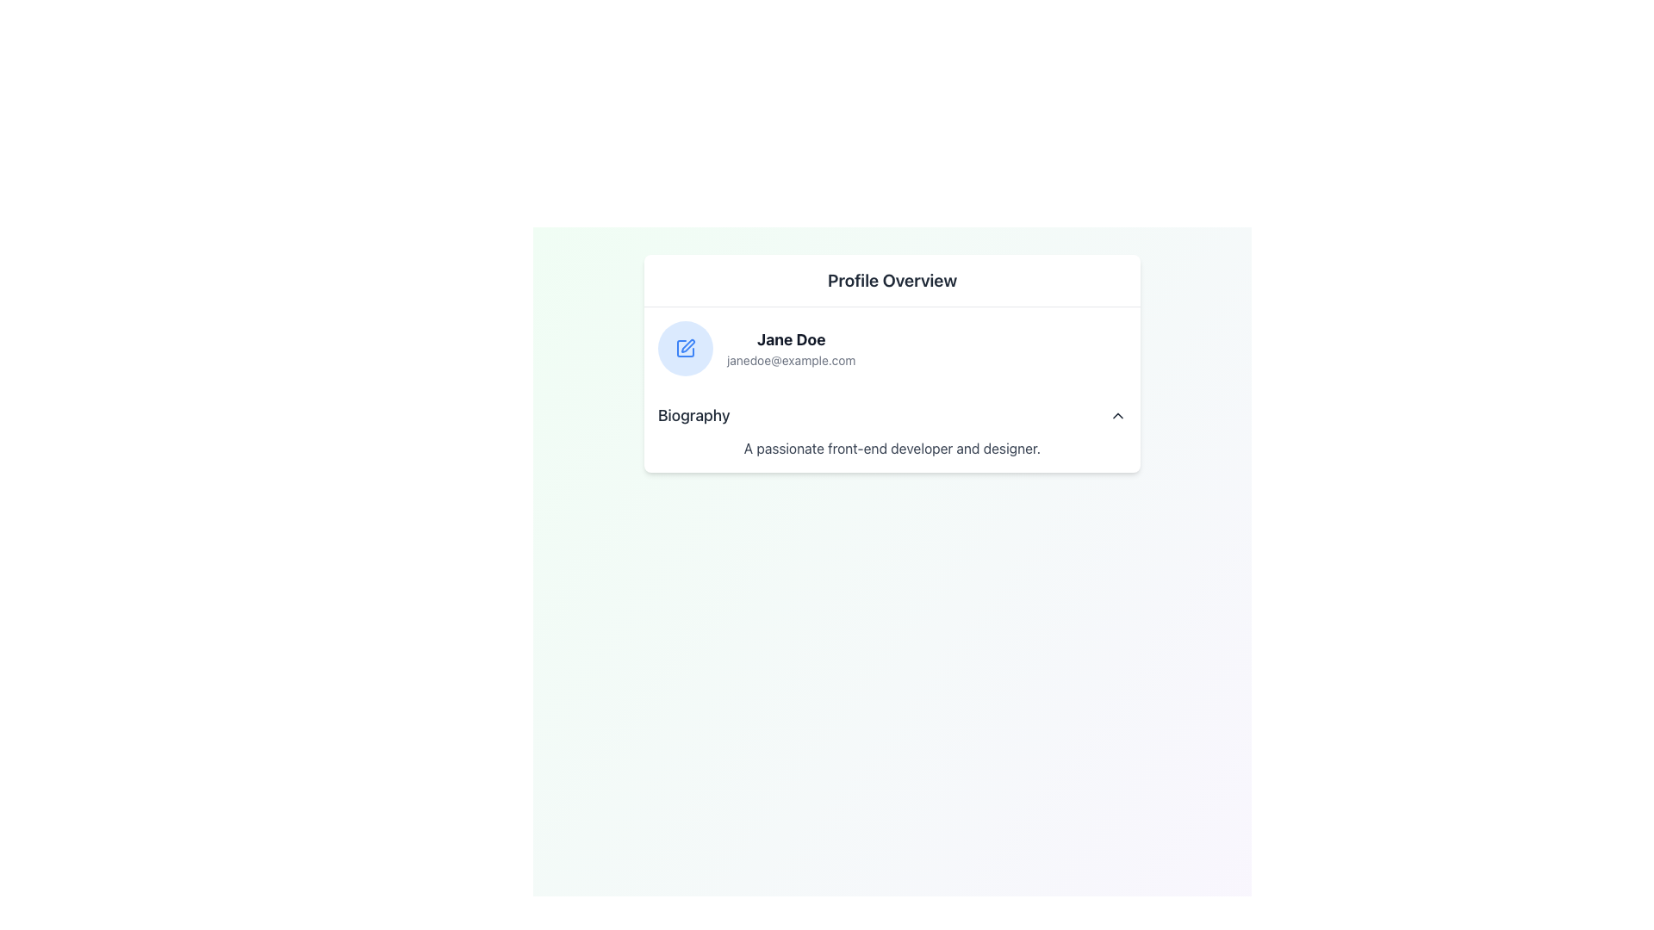 Image resolution: width=1654 pixels, height=930 pixels. I want to click on the edit icon located next to the user's name and email in the profile overview card, so click(687, 345).